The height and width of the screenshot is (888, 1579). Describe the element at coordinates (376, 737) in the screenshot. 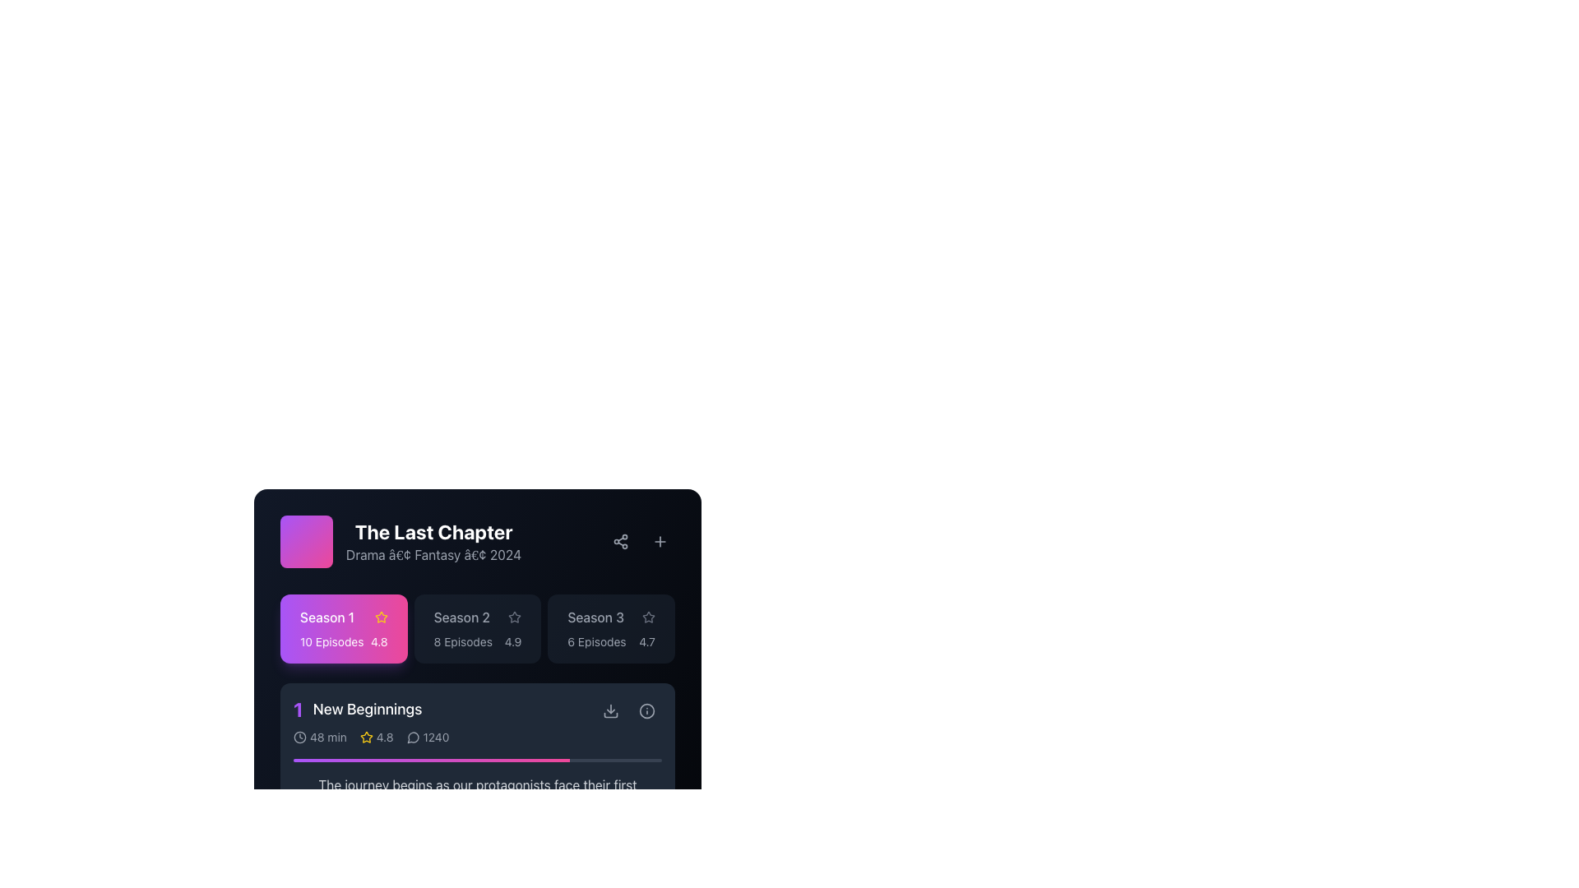

I see `displayed rating value from the Rating Indicator located beneath the series title 'New Beginnings', positioned after the duration '48 min' and before the comment count '1240'` at that location.